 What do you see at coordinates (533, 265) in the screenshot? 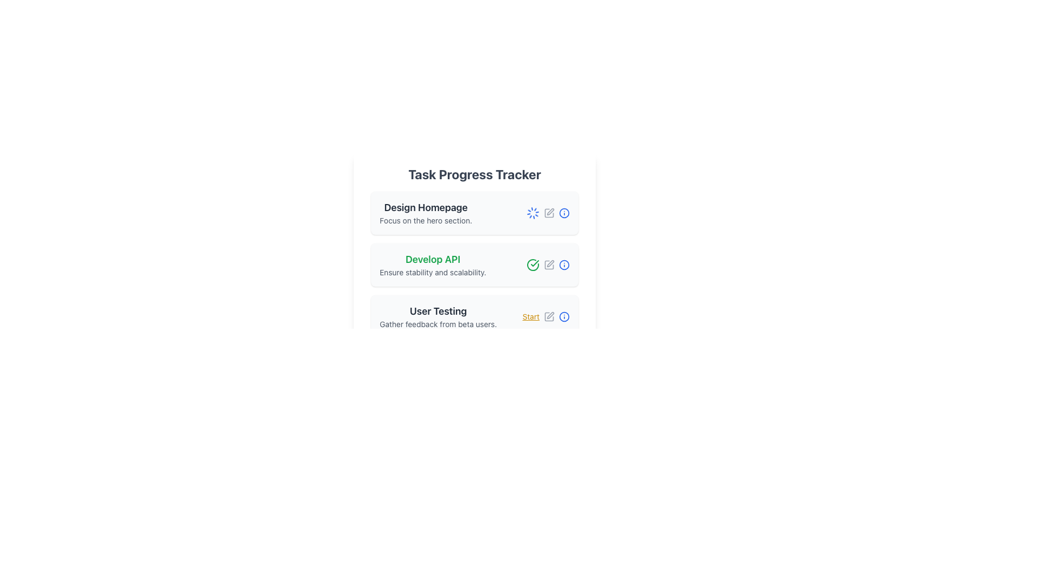
I see `the green circular icon with a checkmark inside, indicating a completed task, located in the 'Develop API' section of the task list` at bounding box center [533, 265].